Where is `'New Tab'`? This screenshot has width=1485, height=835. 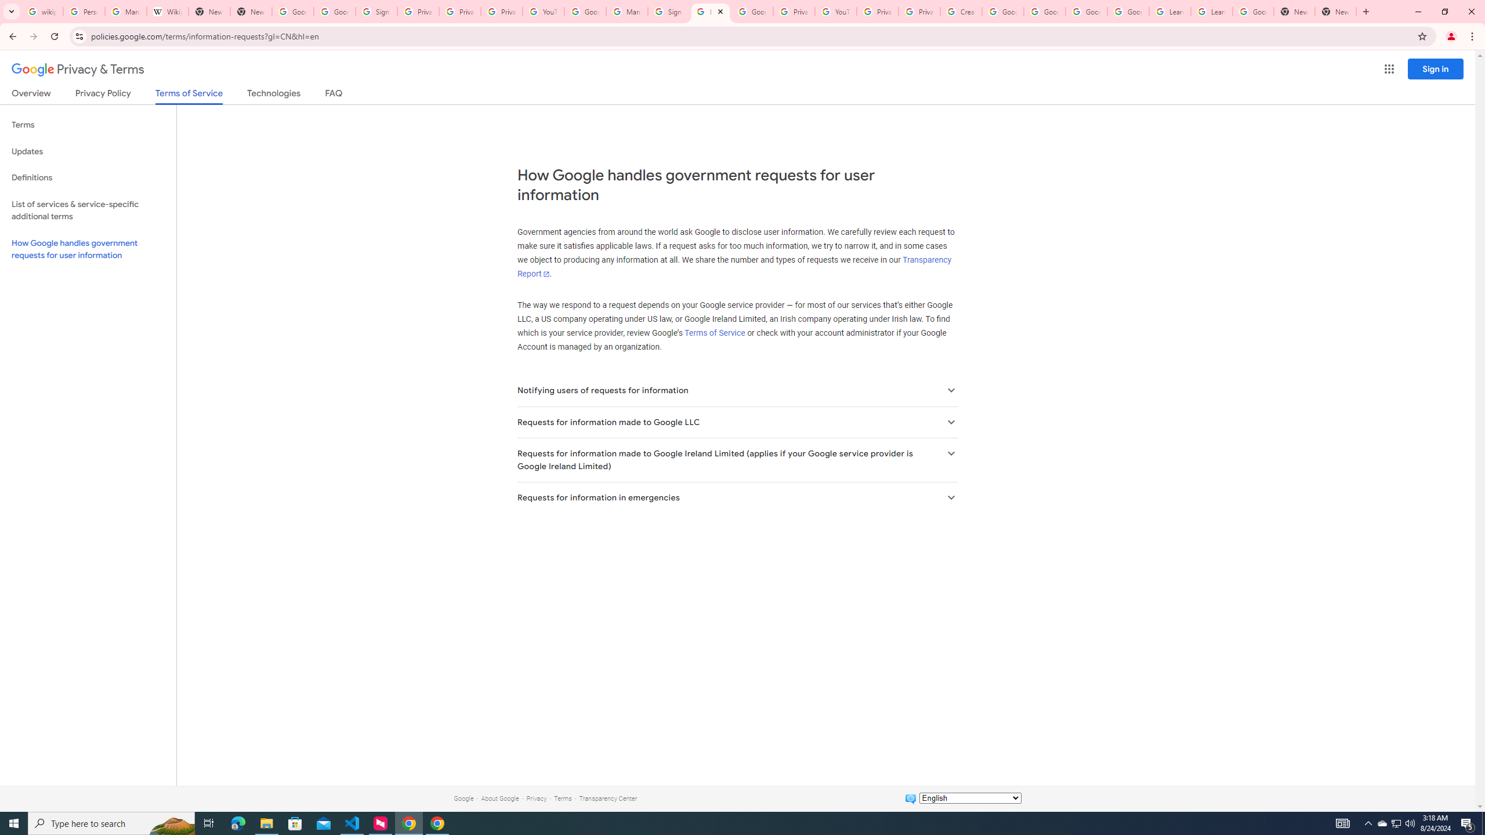 'New Tab' is located at coordinates (1294, 11).